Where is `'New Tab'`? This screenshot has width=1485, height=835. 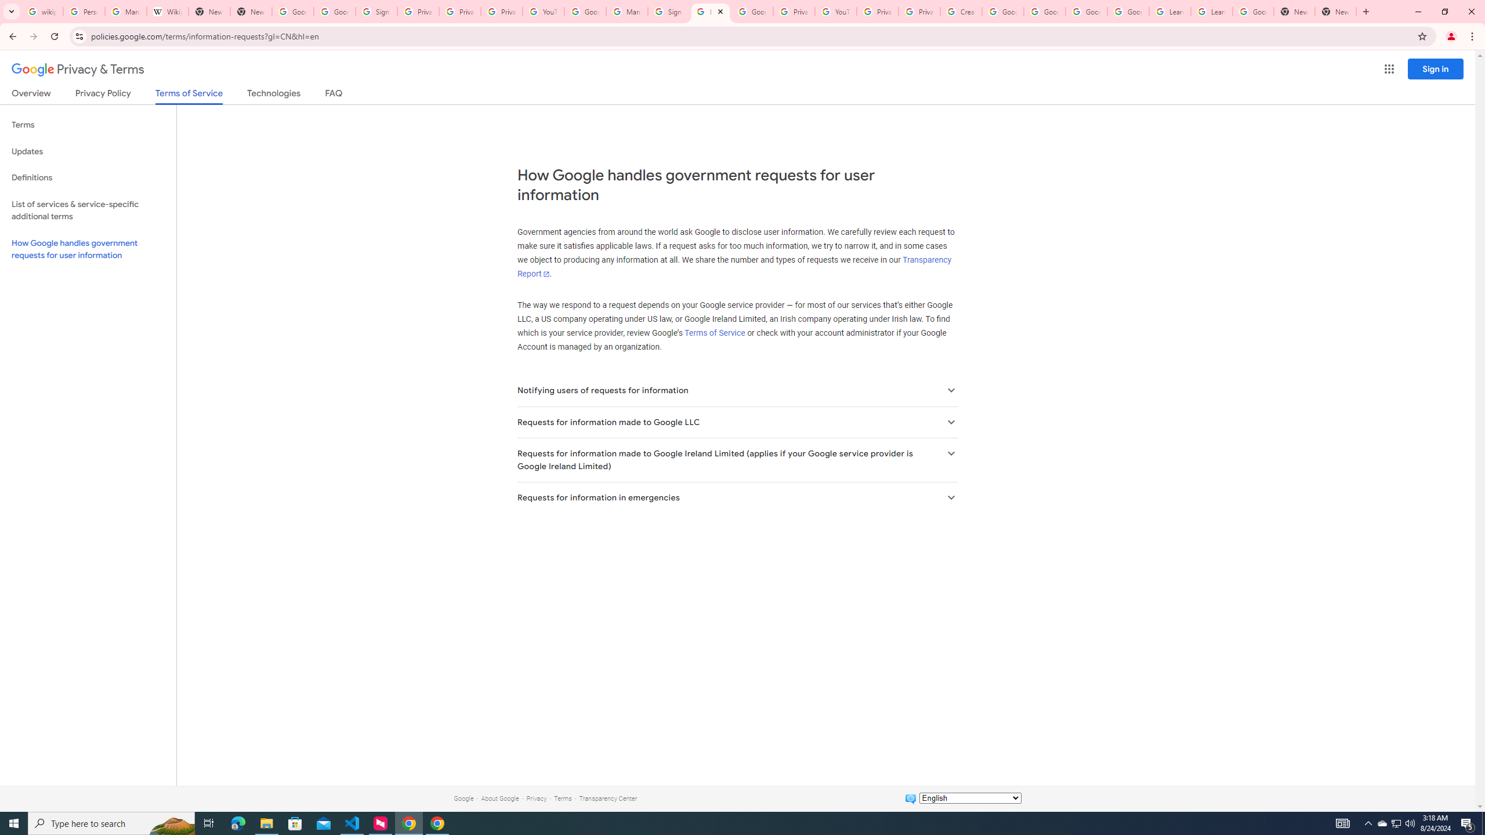 'New Tab' is located at coordinates (1294, 11).